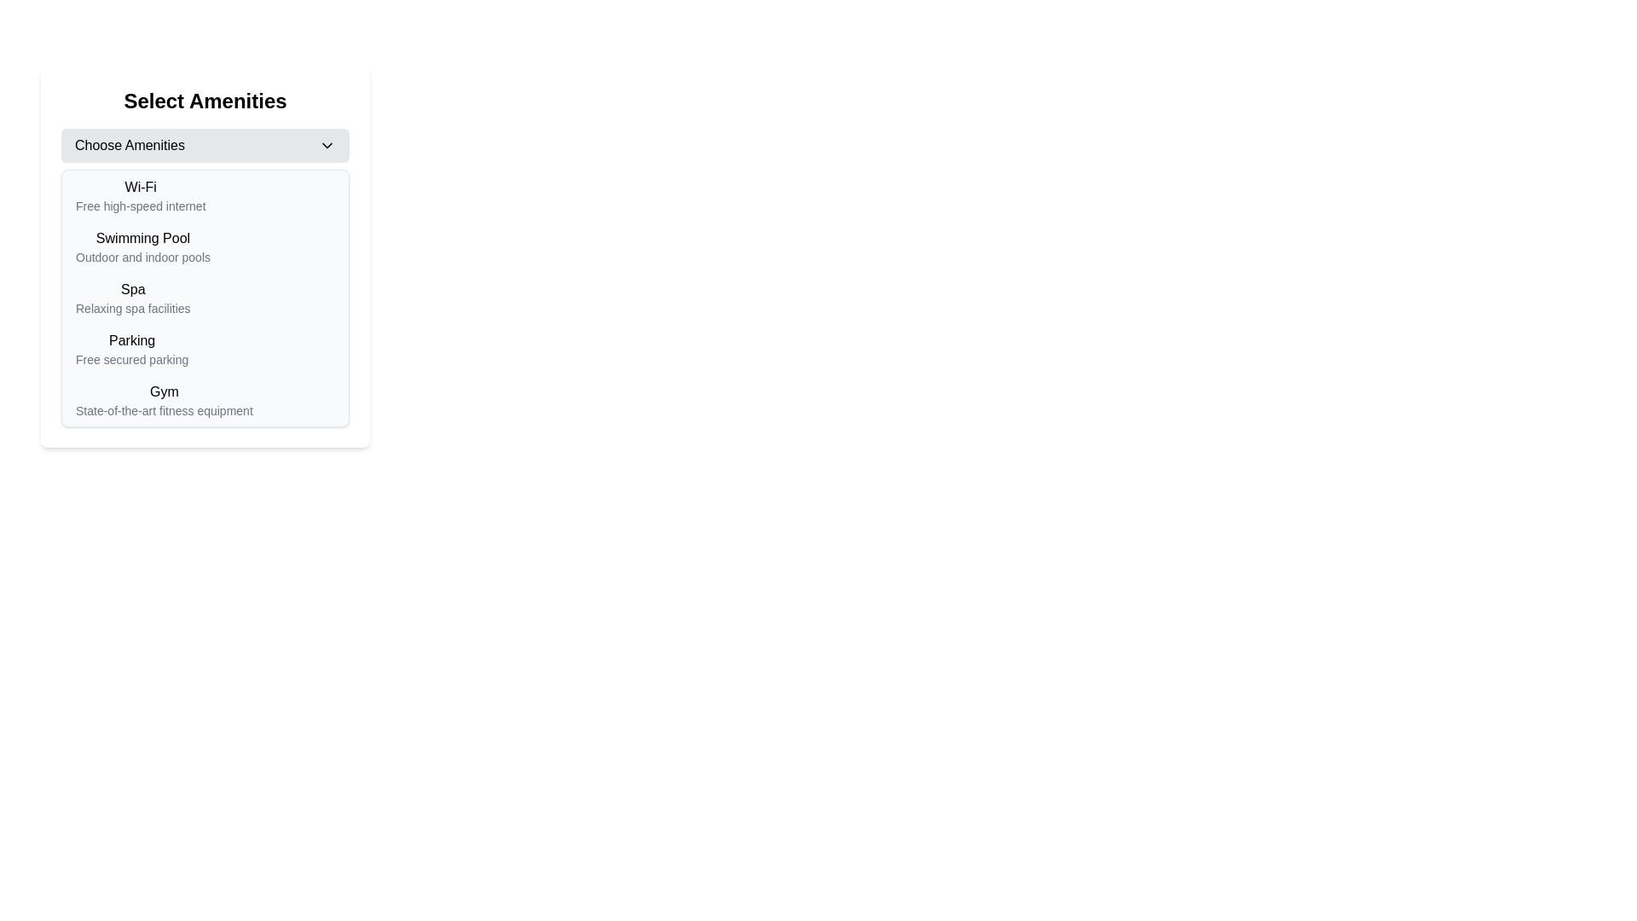  What do you see at coordinates (205, 246) in the screenshot?
I see `the 'Swimming Pool' label with description, which displays the text in bold and includes a smaller description below it, positioned in a vertical list of amenities` at bounding box center [205, 246].